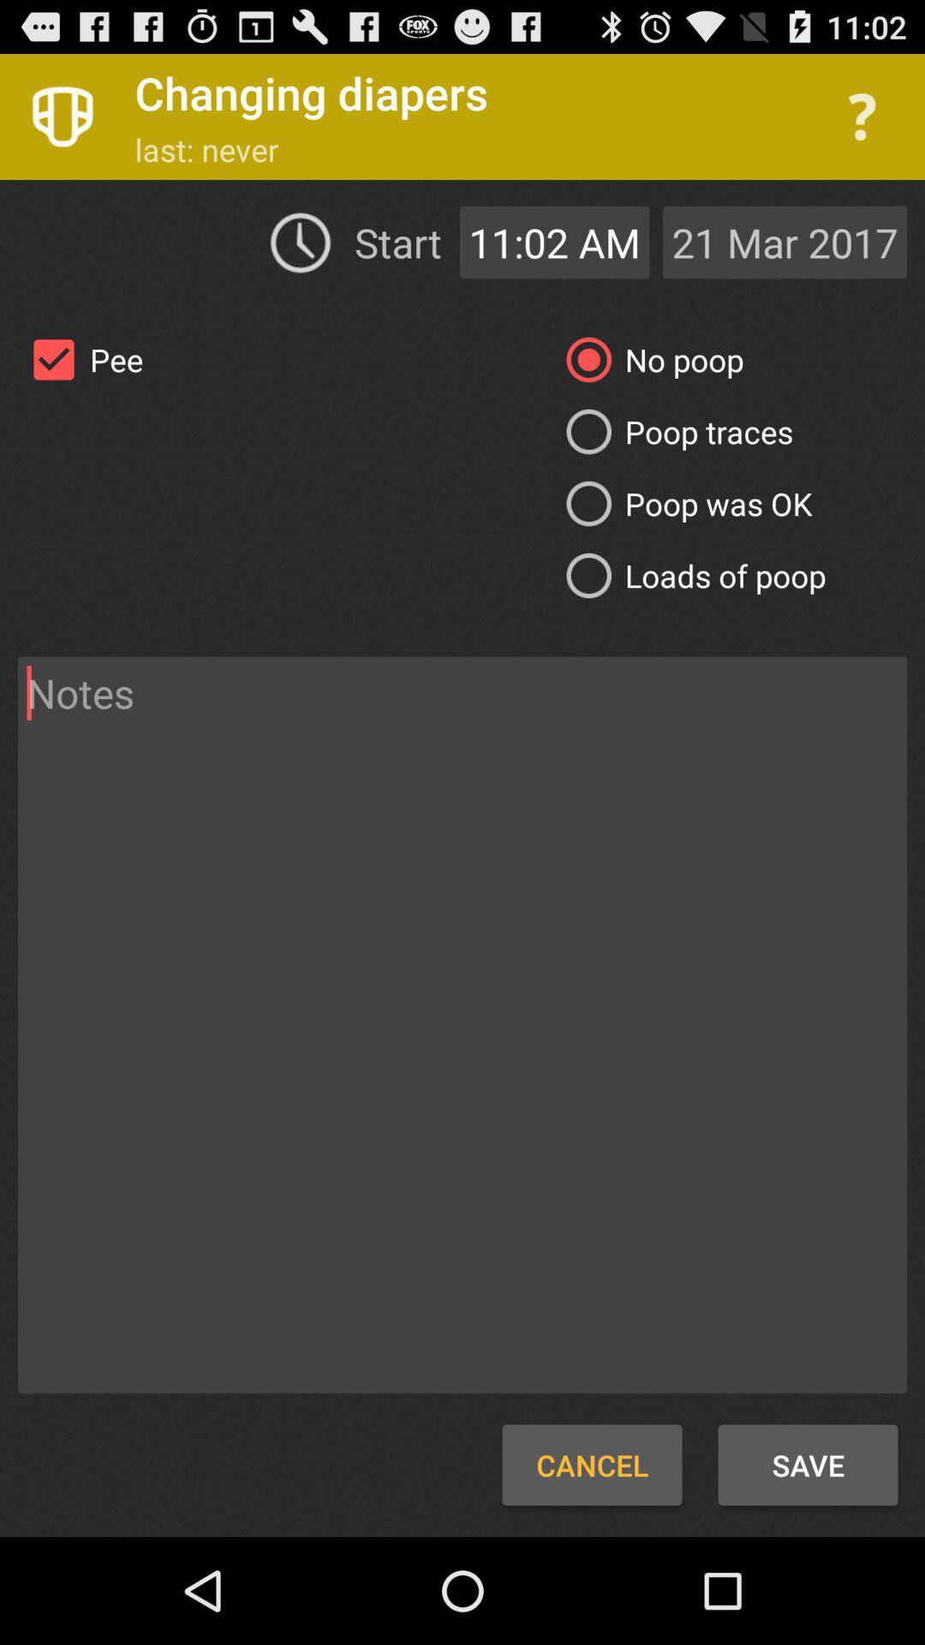 The height and width of the screenshot is (1645, 925). Describe the element at coordinates (862, 116) in the screenshot. I see `the support option` at that location.